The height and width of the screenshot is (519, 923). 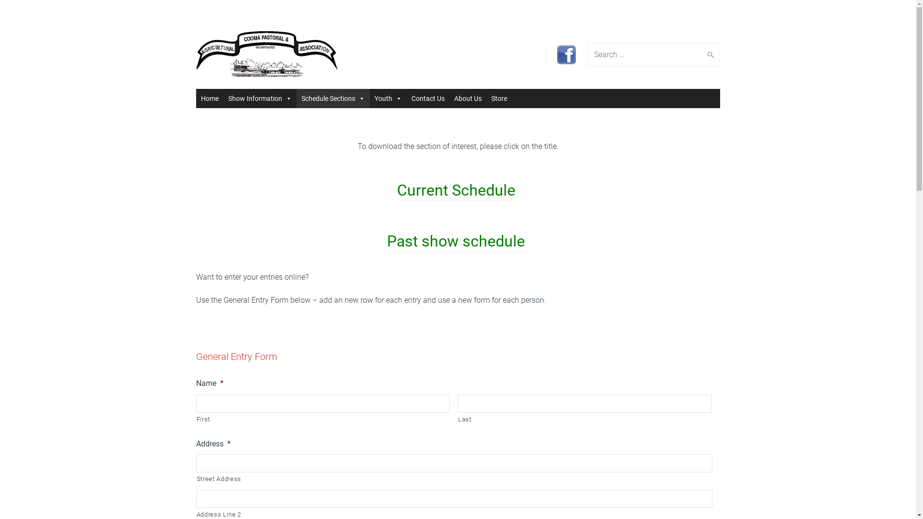 I want to click on 'Show Information', so click(x=259, y=98).